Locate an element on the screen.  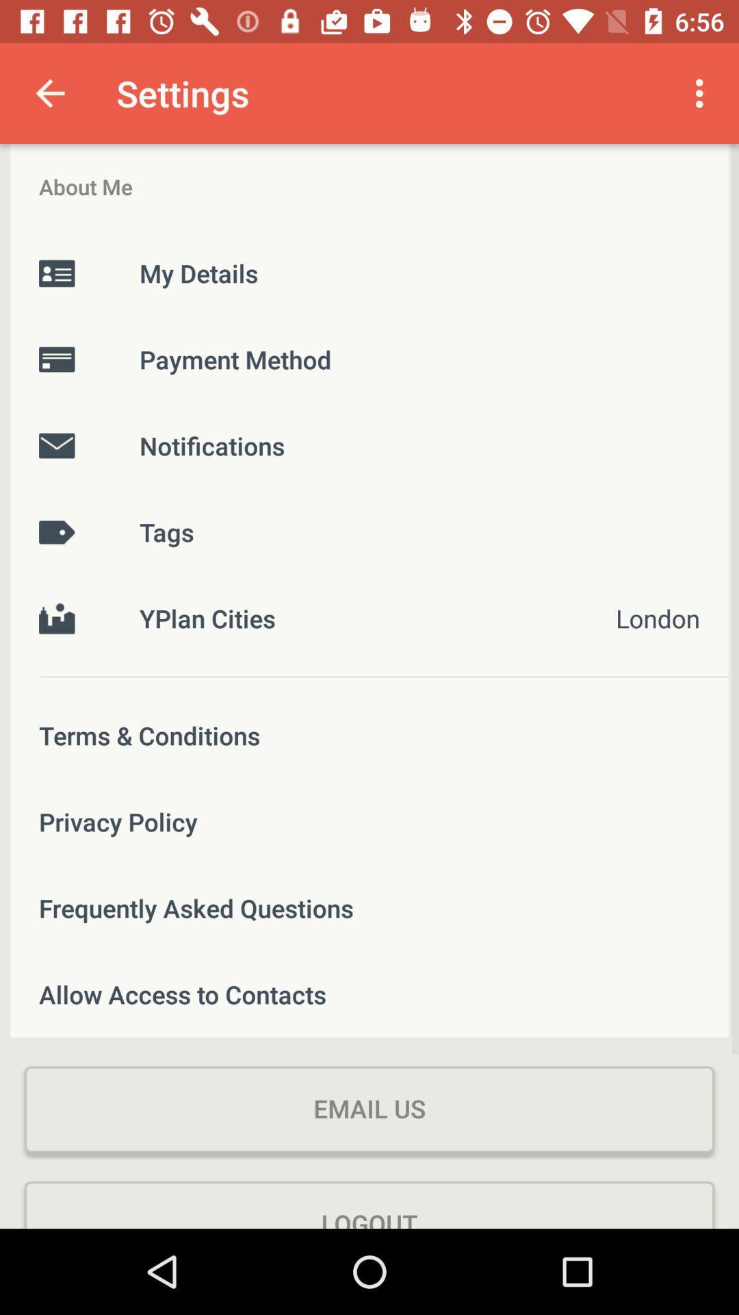
the my details icon is located at coordinates (369, 273).